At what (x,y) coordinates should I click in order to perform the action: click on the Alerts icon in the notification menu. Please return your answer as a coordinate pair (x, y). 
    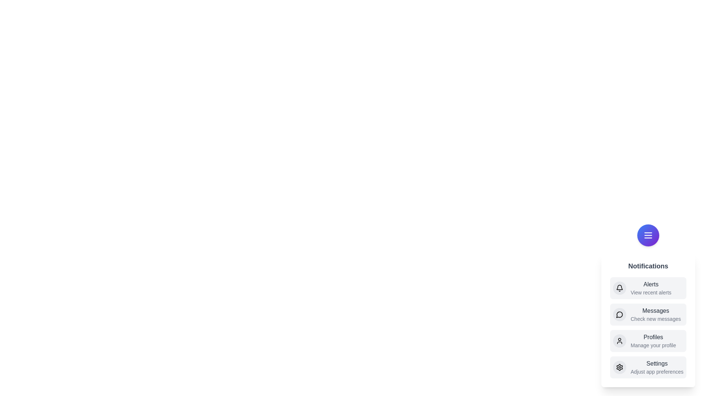
    Looking at the image, I should click on (619, 288).